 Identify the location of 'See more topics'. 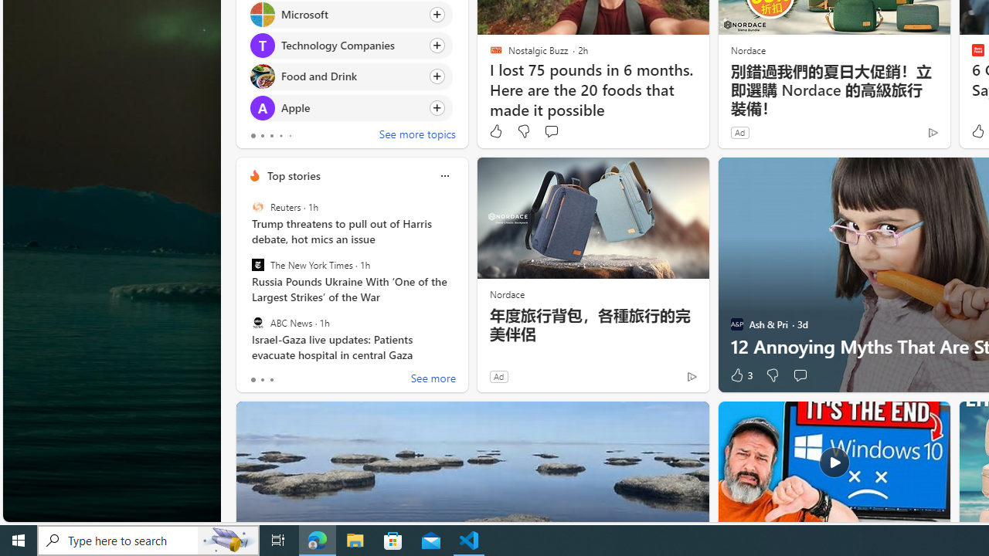
(417, 135).